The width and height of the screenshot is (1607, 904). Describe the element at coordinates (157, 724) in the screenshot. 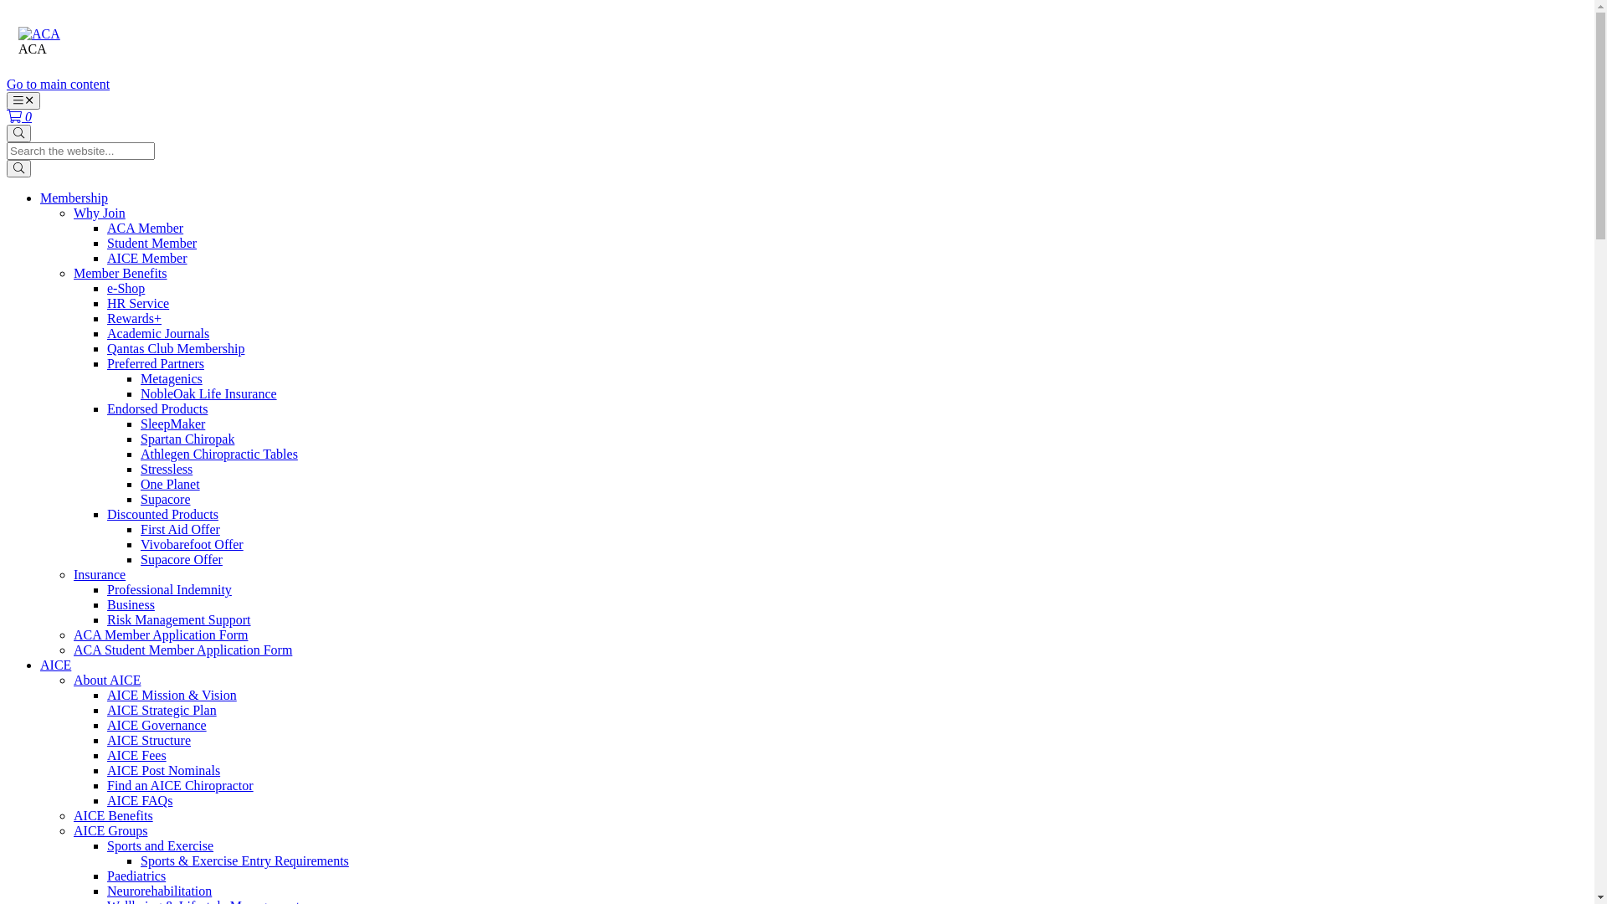

I see `'AICE Governance'` at that location.